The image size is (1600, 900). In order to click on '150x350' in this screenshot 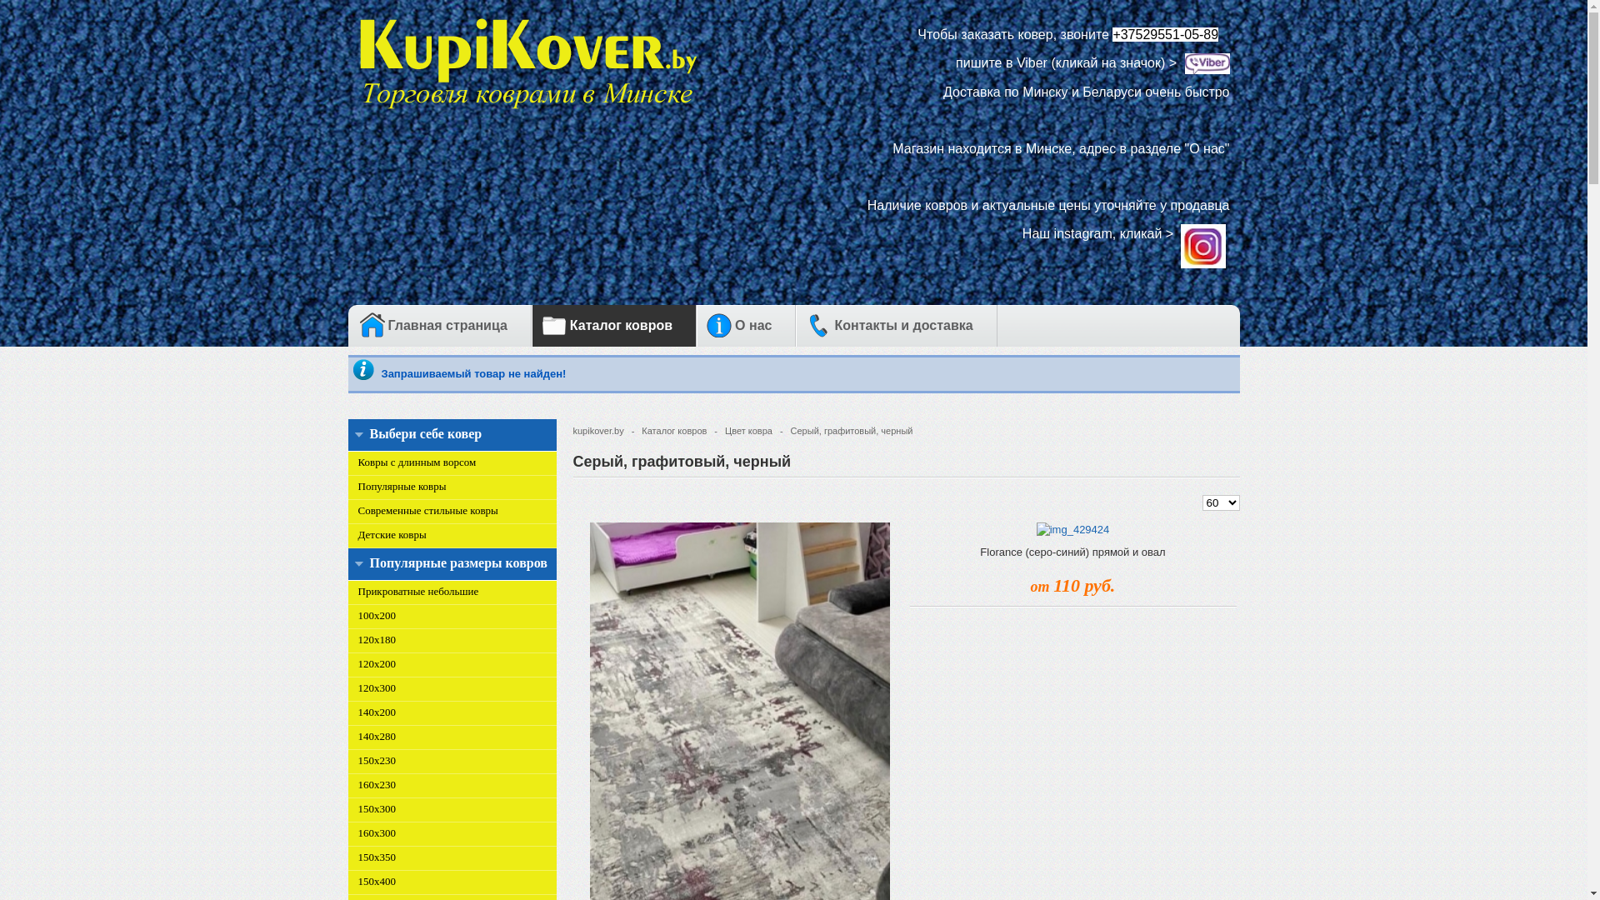, I will do `click(357, 856)`.